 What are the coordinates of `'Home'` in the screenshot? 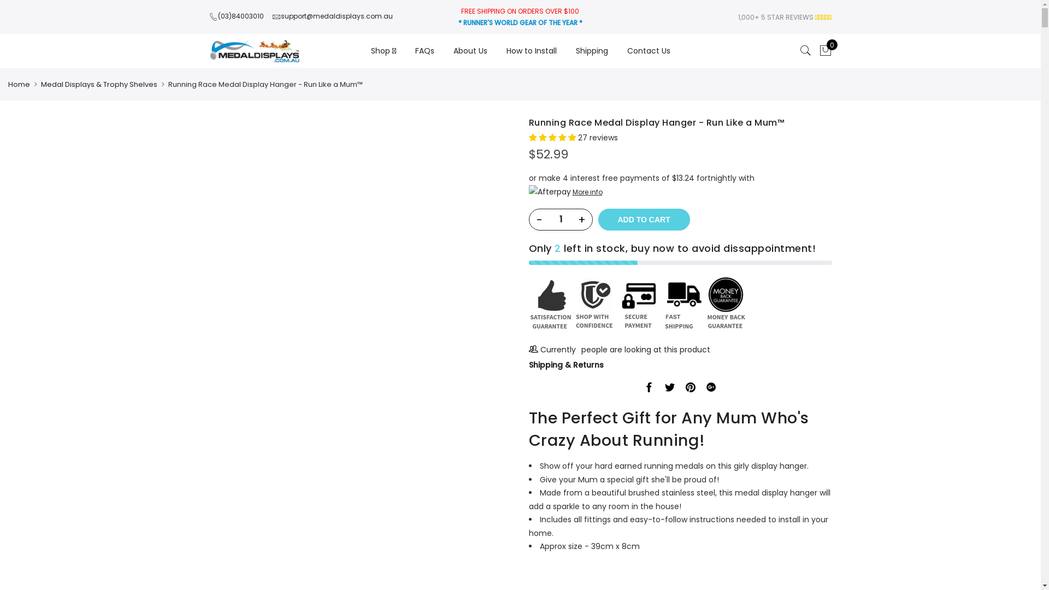 It's located at (8, 84).